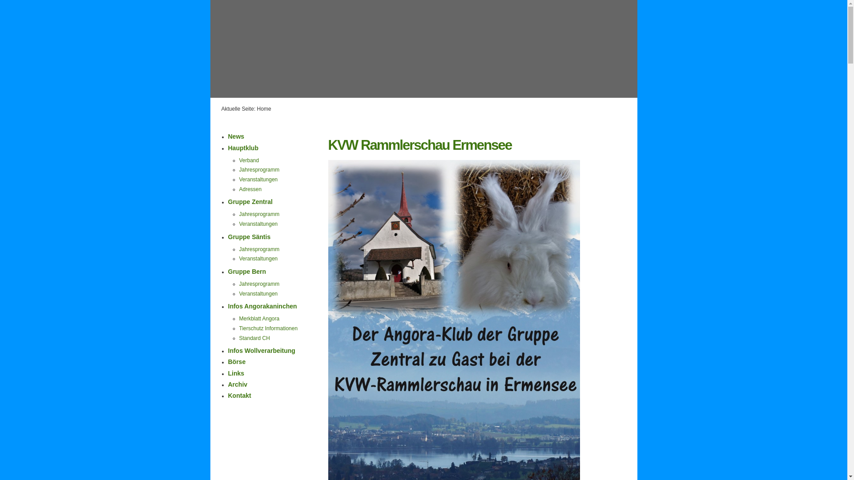 The height and width of the screenshot is (480, 854). I want to click on 'Kontakt', so click(239, 395).